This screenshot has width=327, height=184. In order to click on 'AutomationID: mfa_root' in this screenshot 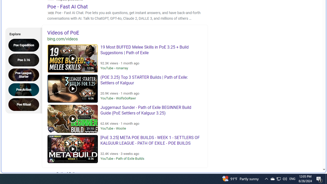, I will do `click(305, 154)`.